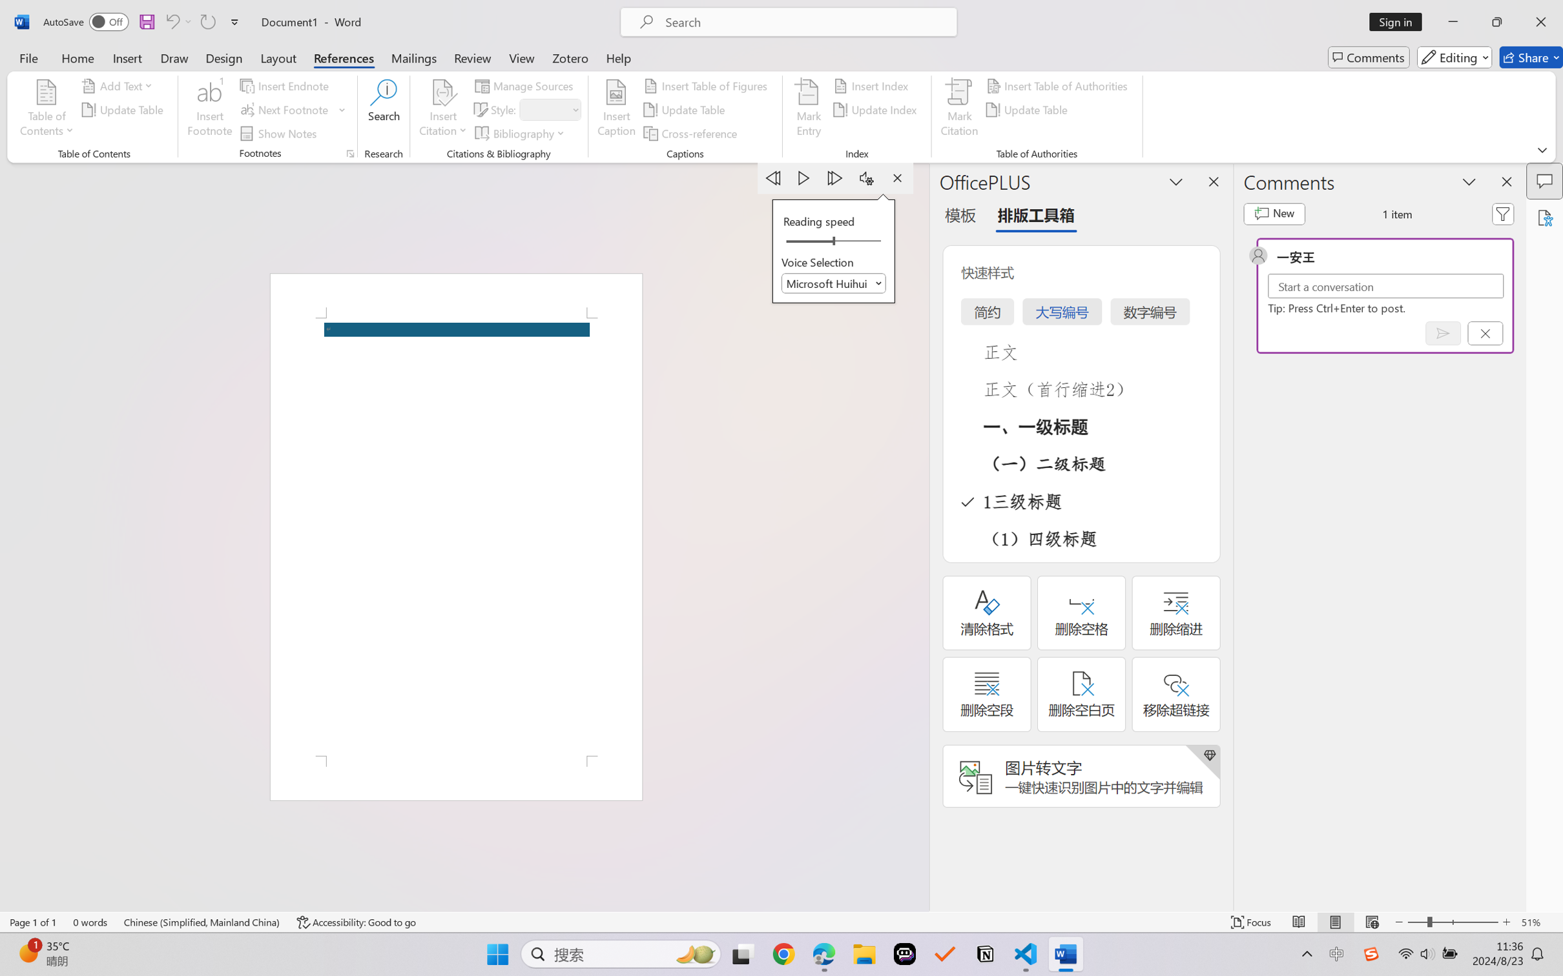 This screenshot has height=976, width=1563. I want to click on 'Language Chinese (Simplified, Mainland China)', so click(202, 922).